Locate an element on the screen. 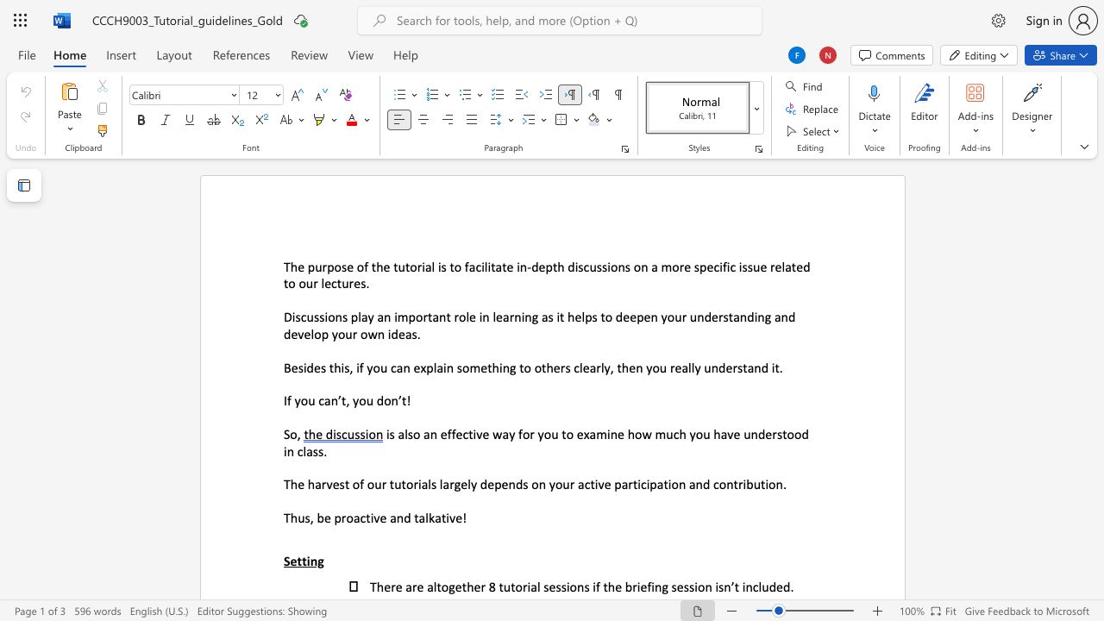 This screenshot has width=1104, height=621. the 1th character "l" in the text is located at coordinates (485, 267).